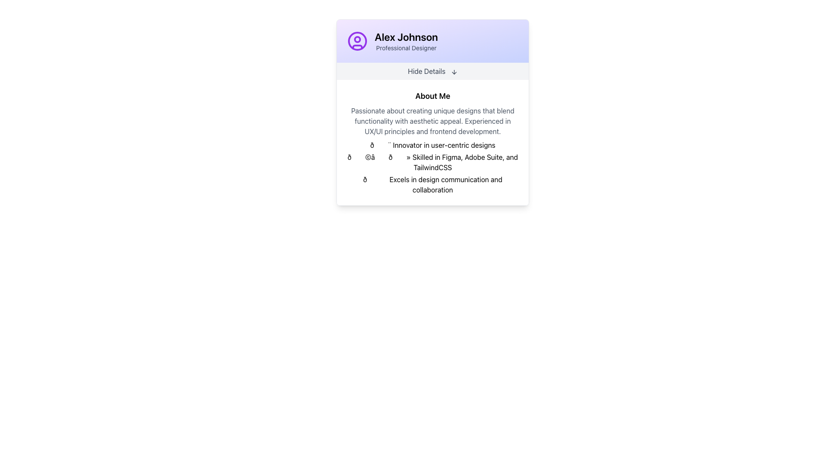  Describe the element at coordinates (406, 48) in the screenshot. I see `the text element that displays 'Professional Designer', which is styled in a smaller gray font and positioned directly below 'Alex Johnson' in the profile card layout` at that location.